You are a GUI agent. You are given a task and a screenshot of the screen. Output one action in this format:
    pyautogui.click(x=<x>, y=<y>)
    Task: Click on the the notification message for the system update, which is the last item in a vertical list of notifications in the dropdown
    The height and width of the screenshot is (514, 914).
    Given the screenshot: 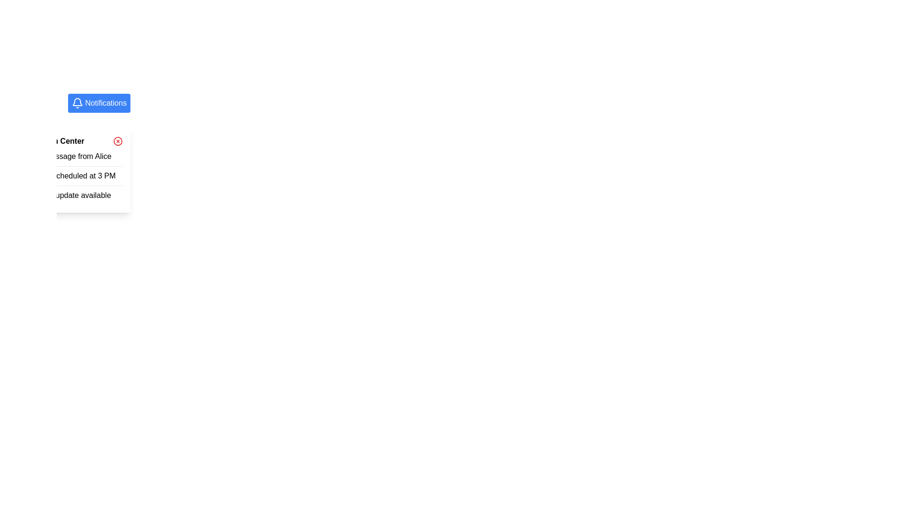 What is the action you would take?
    pyautogui.click(x=69, y=195)
    